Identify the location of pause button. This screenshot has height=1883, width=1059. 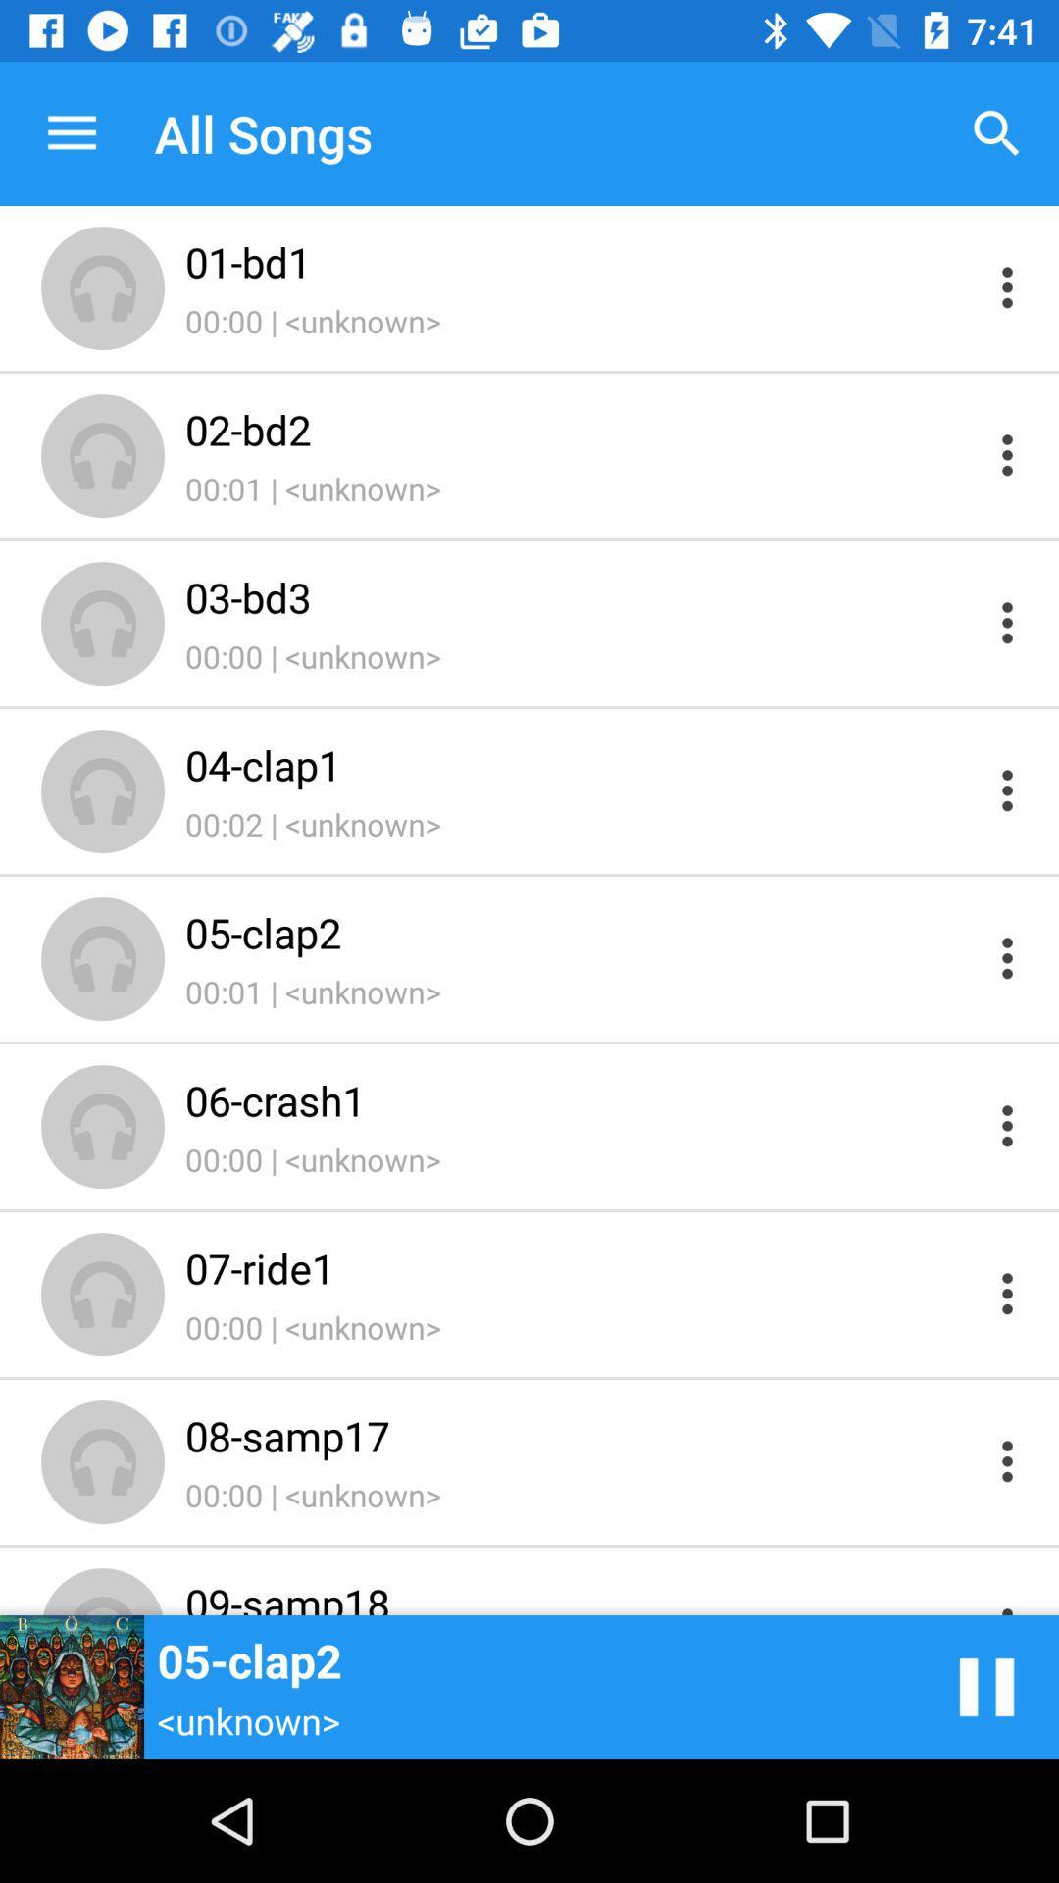
(986, 1686).